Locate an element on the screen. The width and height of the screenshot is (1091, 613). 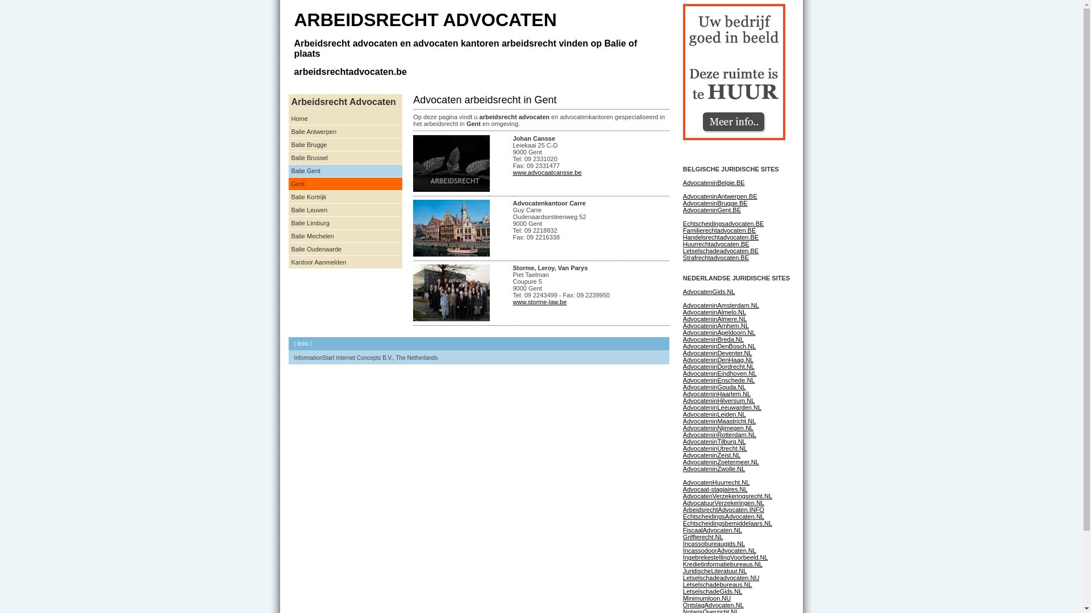
'AdvocateninAmsterdam.NL' is located at coordinates (720, 304).